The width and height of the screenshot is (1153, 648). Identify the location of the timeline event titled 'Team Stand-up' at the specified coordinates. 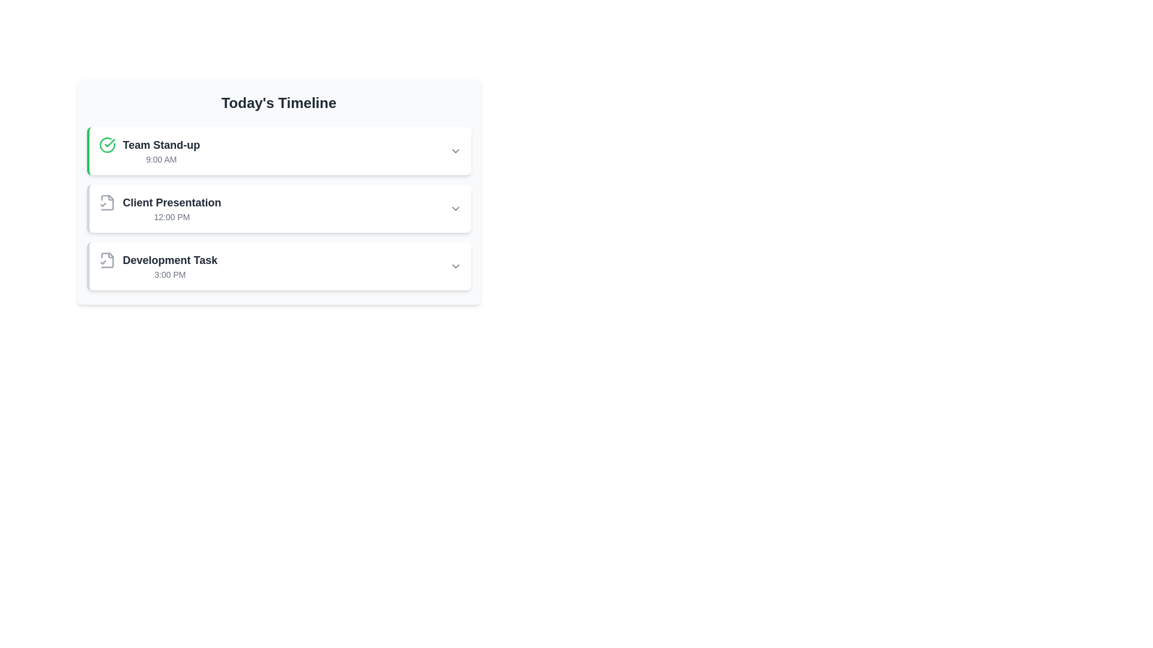
(148, 150).